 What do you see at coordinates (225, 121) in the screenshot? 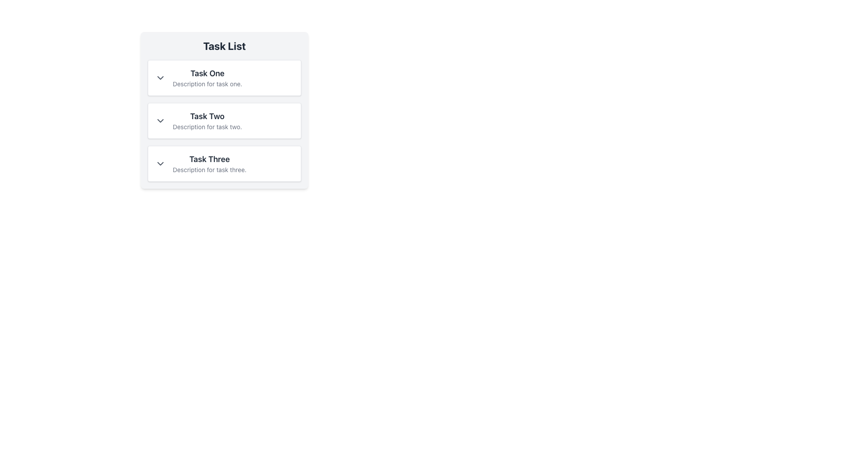
I see `description of the second task in the task list, which is part of a collapsible component styled with bold titles and chevron icons` at bounding box center [225, 121].